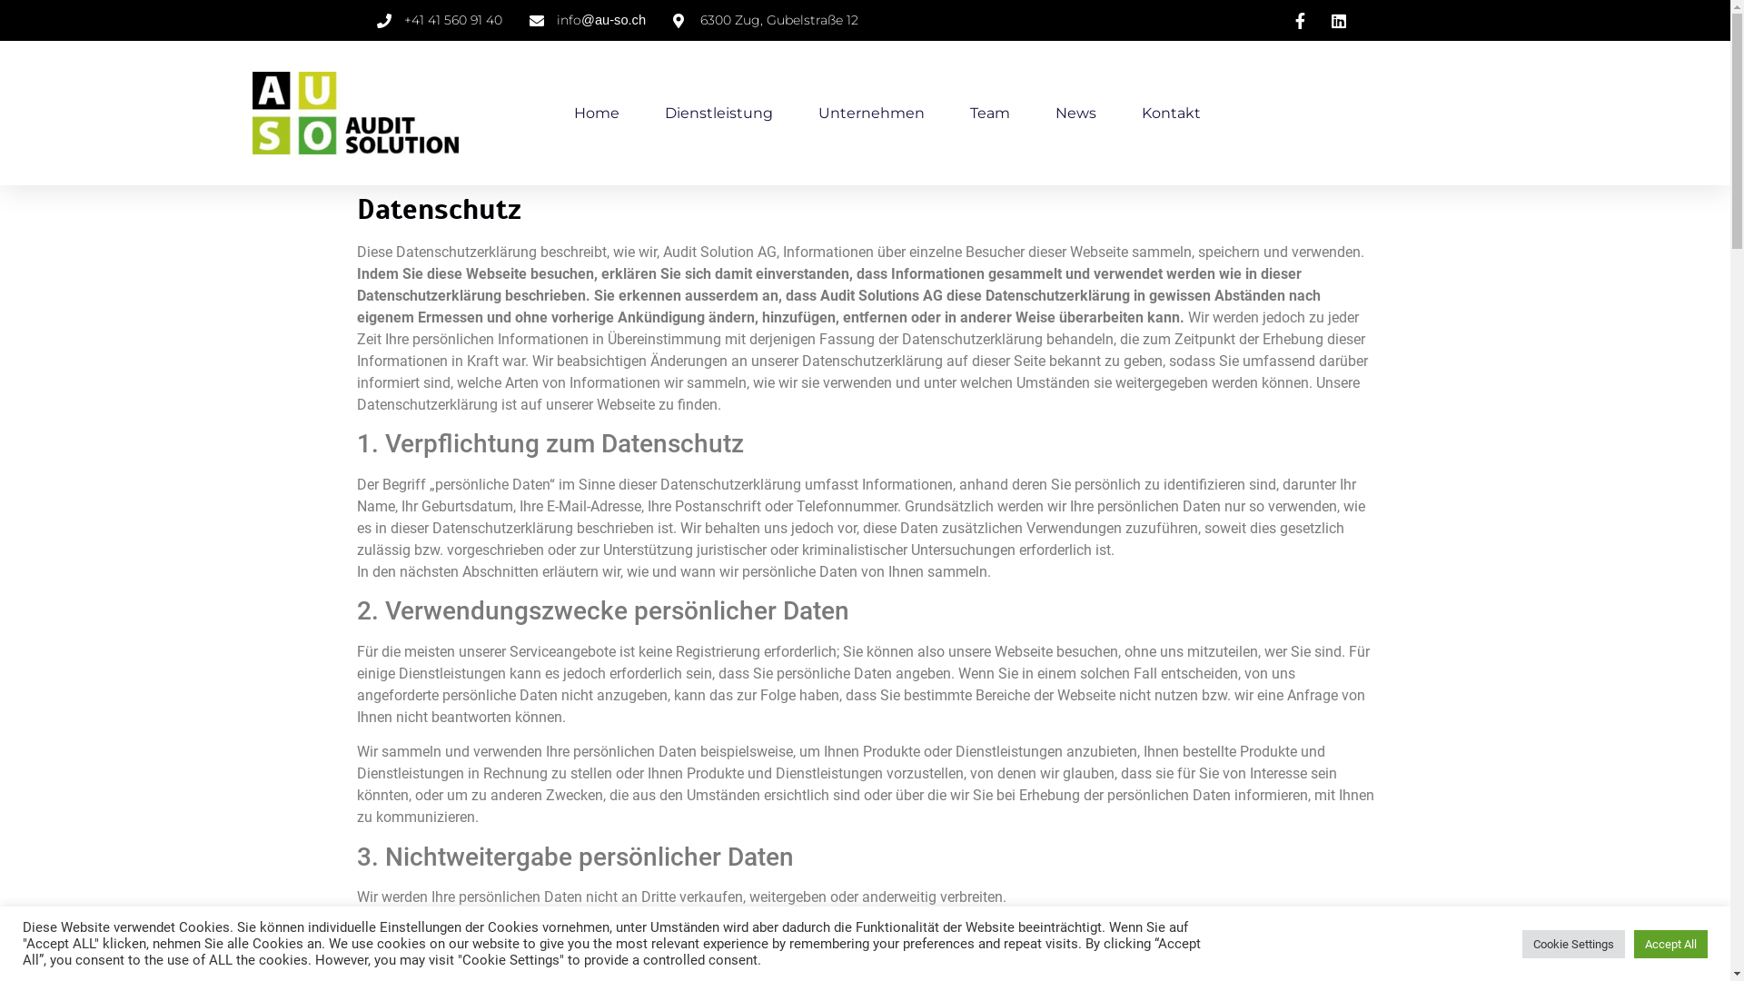 The image size is (1744, 981). I want to click on 'Unternehmen', so click(869, 113).